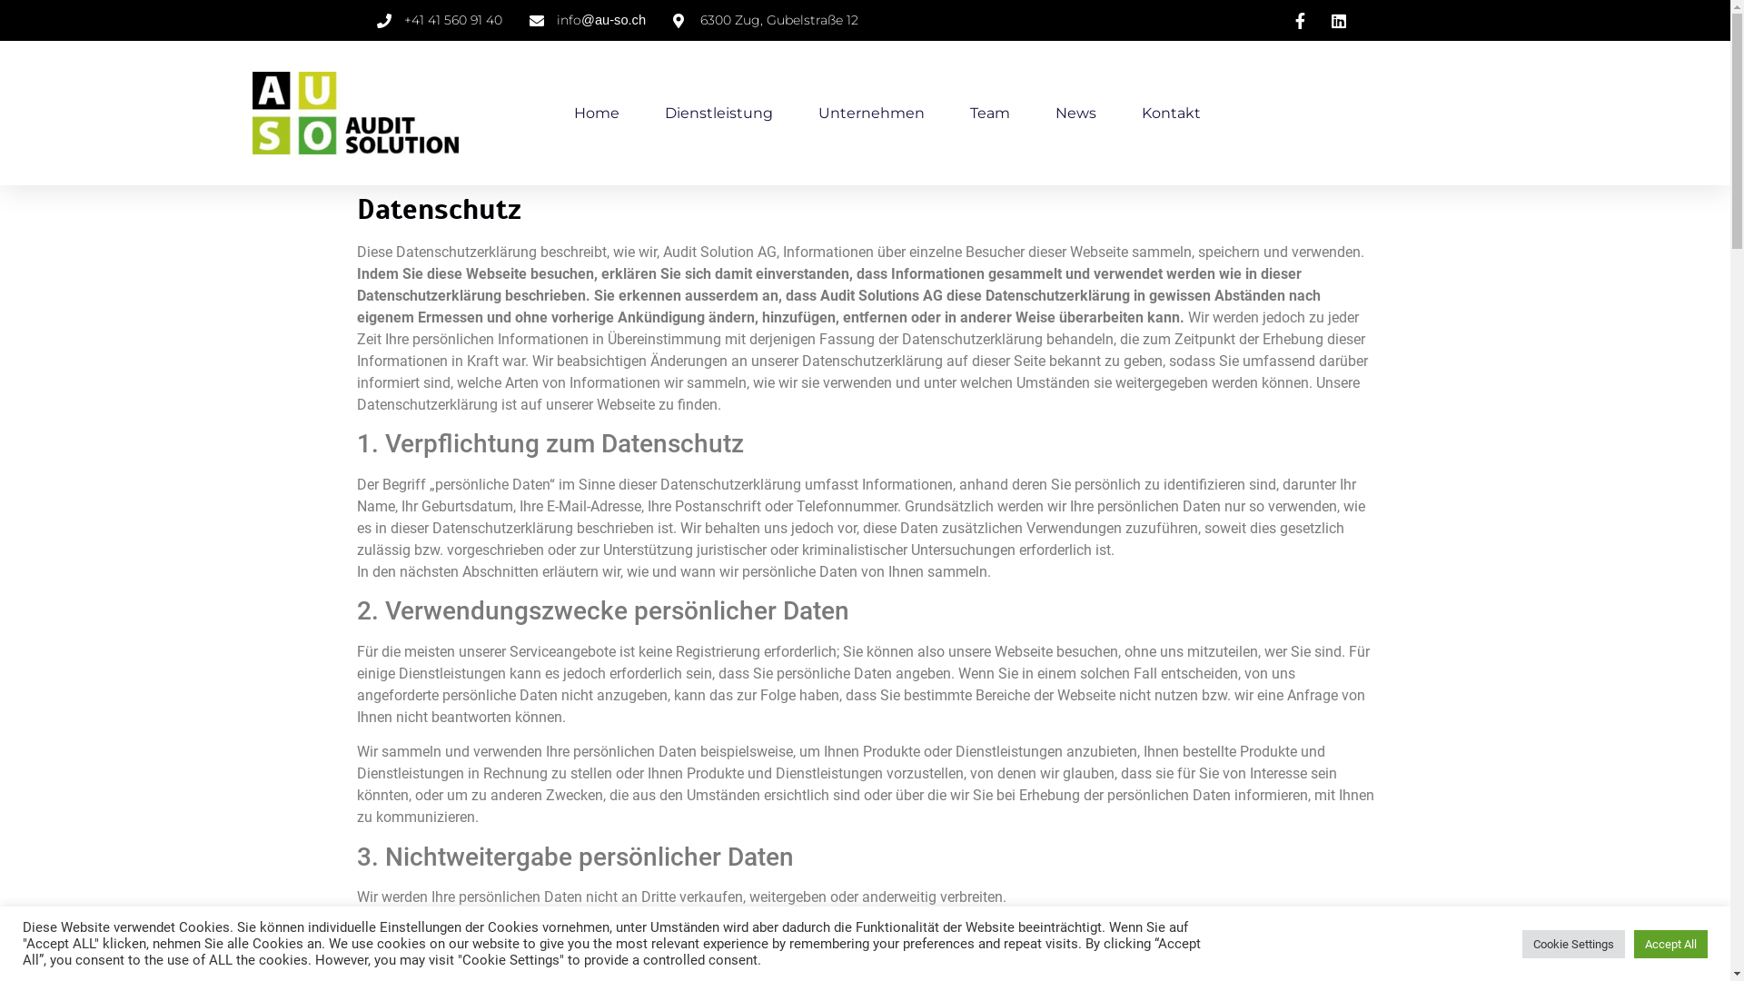 The image size is (1744, 981). I want to click on 'Unternehmen', so click(869, 113).